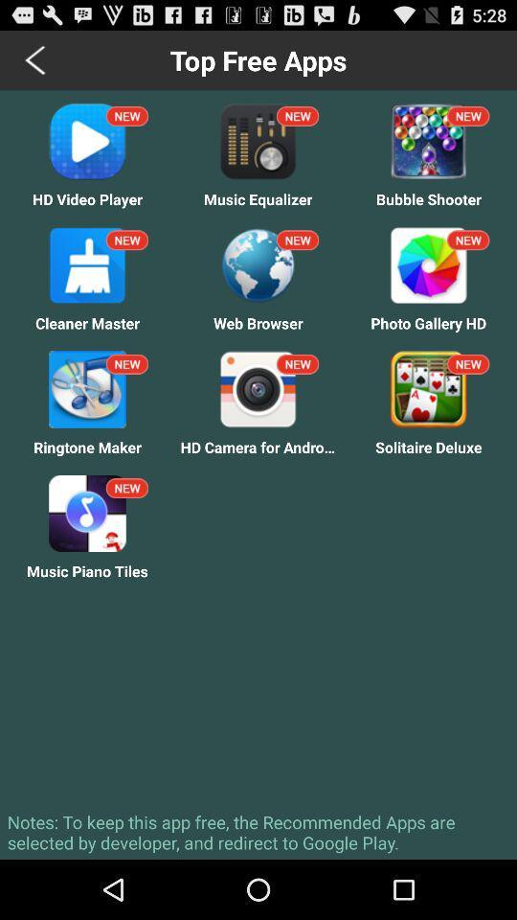  Describe the element at coordinates (36, 59) in the screenshot. I see `go back` at that location.